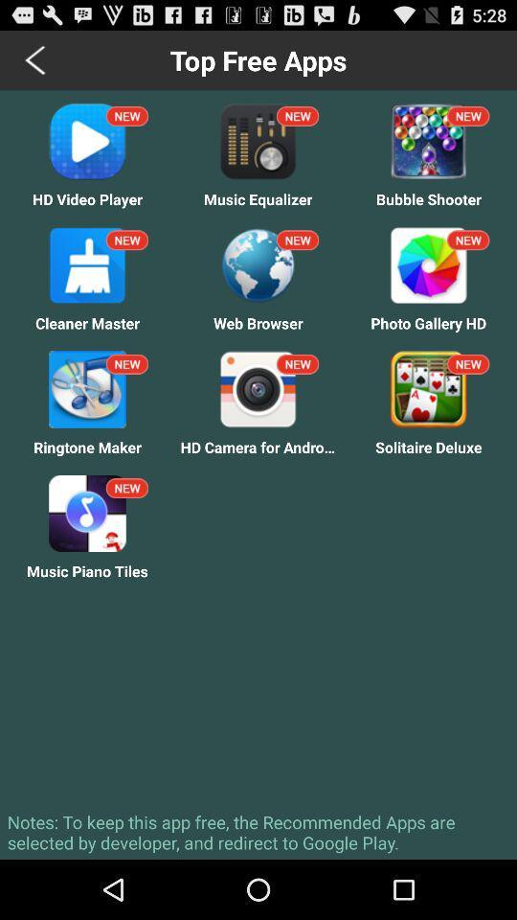  Describe the element at coordinates (36, 59) in the screenshot. I see `go back` at that location.